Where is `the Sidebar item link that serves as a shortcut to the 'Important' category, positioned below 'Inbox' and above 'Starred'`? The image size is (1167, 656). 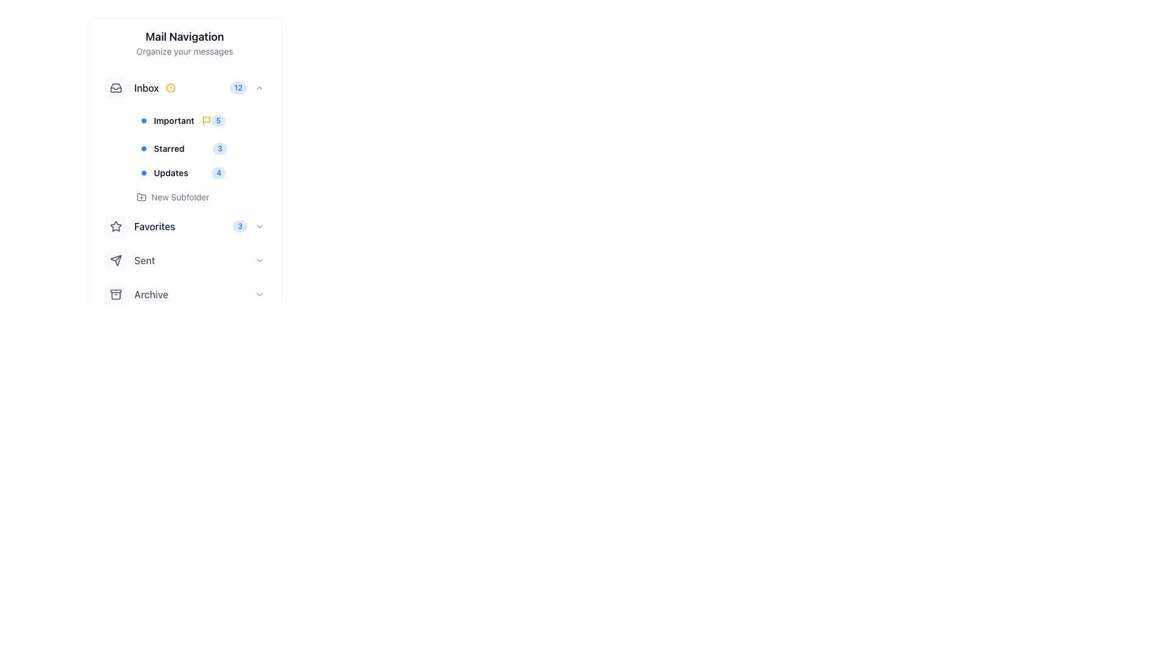
the Sidebar item link that serves as a shortcut to the 'Important' category, positioned below 'Inbox' and above 'Starred' is located at coordinates (199, 121).